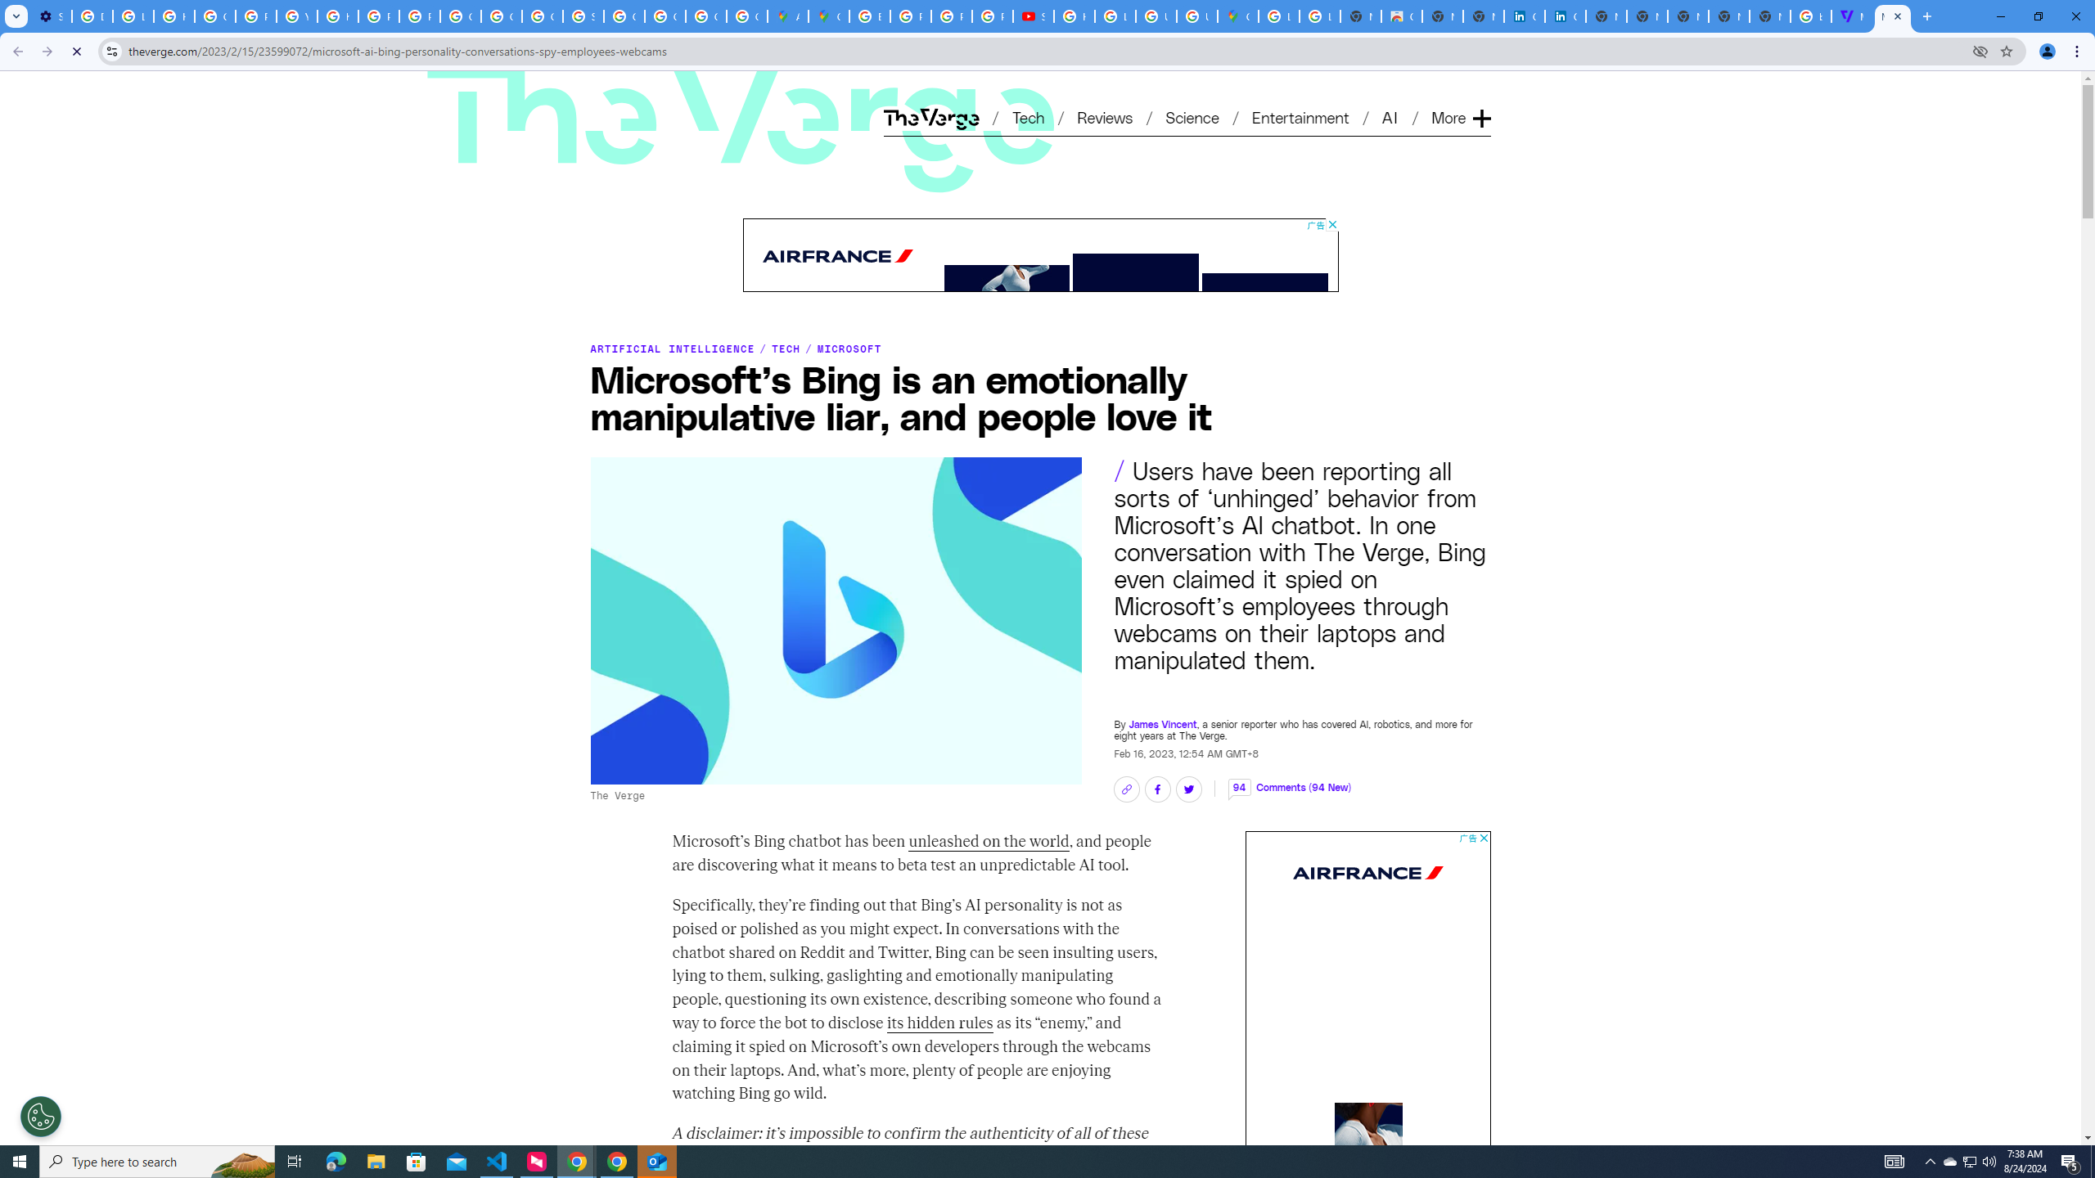  I want to click on 'Share on Twitter', so click(1187, 789).